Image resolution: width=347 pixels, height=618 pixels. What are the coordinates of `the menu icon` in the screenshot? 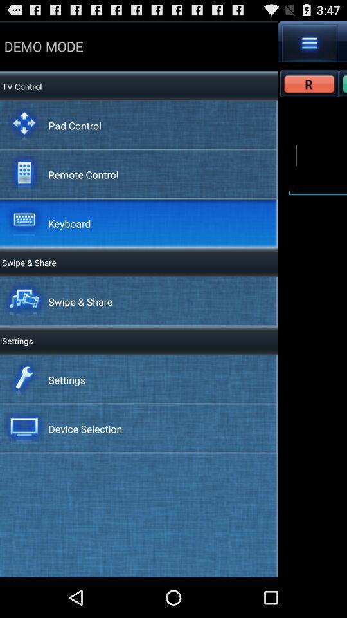 It's located at (309, 46).